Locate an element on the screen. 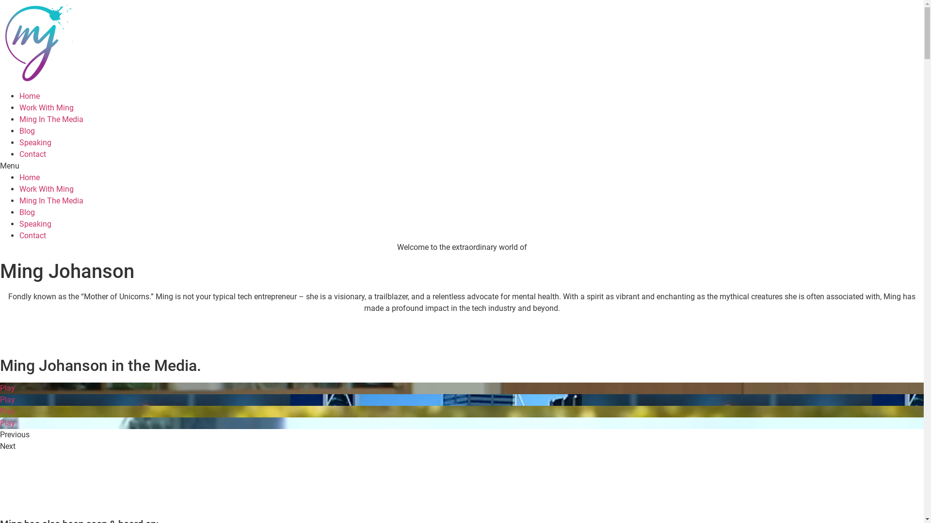 Image resolution: width=931 pixels, height=523 pixels. 'Work With Ming' is located at coordinates (19, 108).